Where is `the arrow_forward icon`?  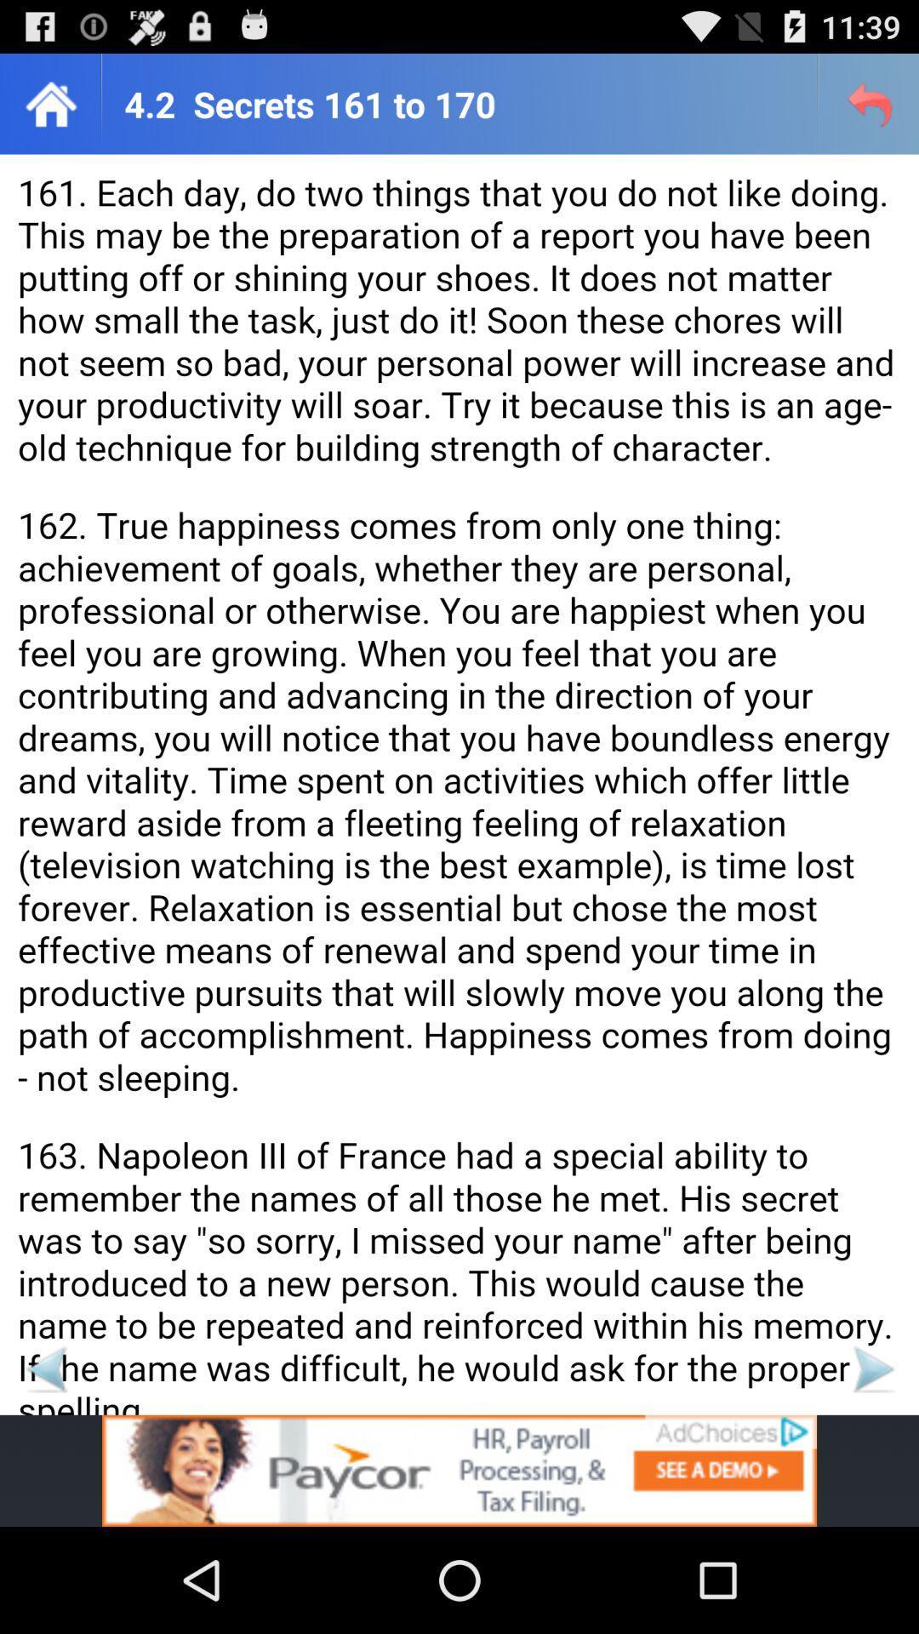 the arrow_forward icon is located at coordinates (872, 1464).